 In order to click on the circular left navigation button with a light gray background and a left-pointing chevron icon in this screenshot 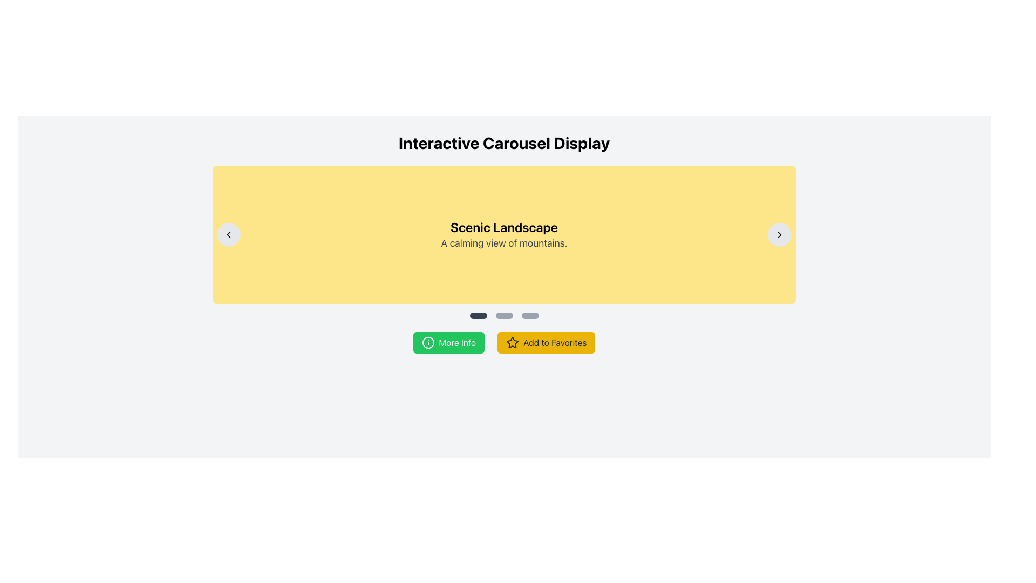, I will do `click(228, 234)`.